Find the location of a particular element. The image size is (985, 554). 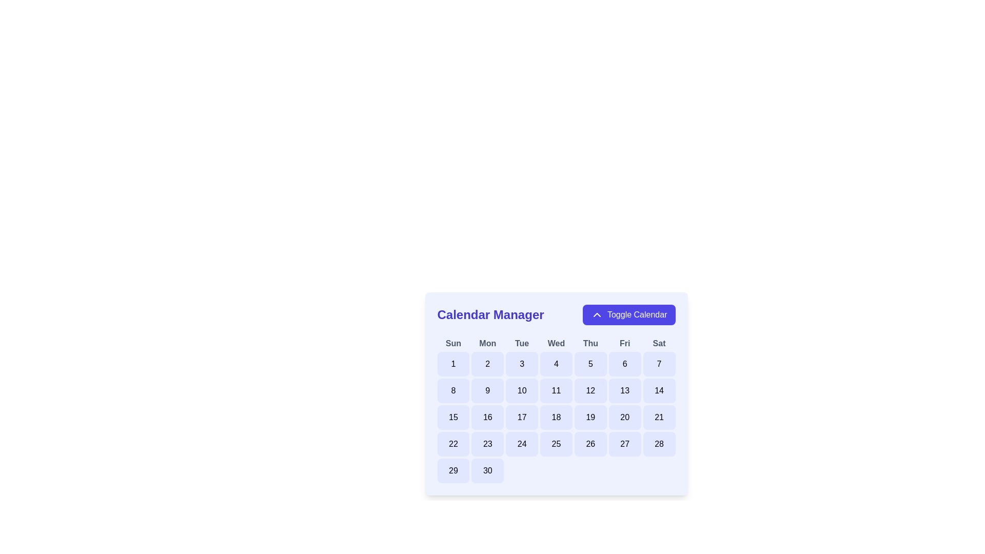

the rounded rectangular button with a light blue background that displays the number '12' in bold, located is located at coordinates (590, 391).